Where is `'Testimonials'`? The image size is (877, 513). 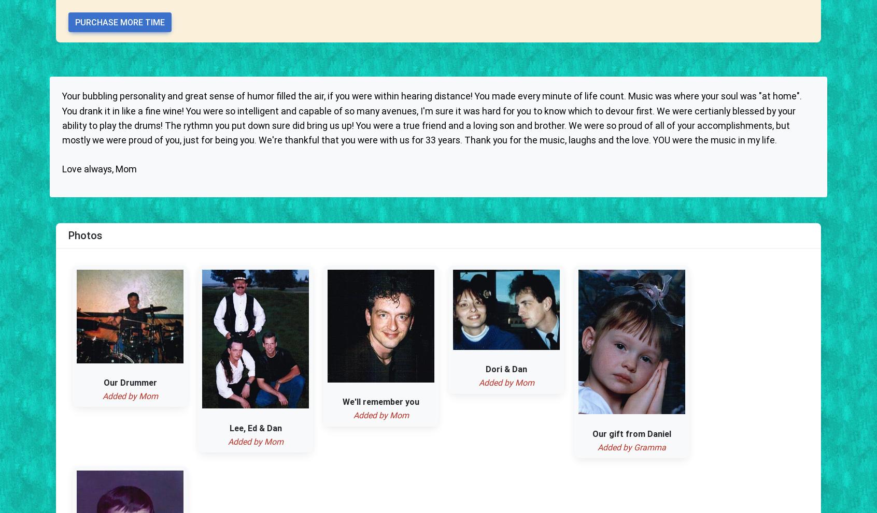 'Testimonials' is located at coordinates (609, 281).